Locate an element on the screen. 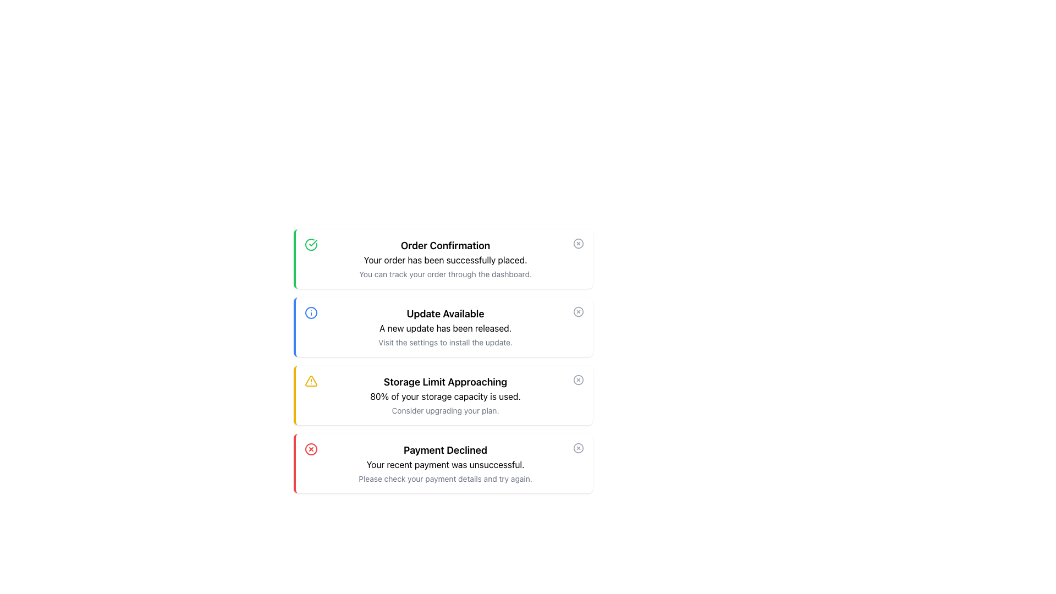 Image resolution: width=1056 pixels, height=594 pixels. the static text that provides additional guidance on the update available notification card, located centrally in the third line of the card is located at coordinates (446, 342).